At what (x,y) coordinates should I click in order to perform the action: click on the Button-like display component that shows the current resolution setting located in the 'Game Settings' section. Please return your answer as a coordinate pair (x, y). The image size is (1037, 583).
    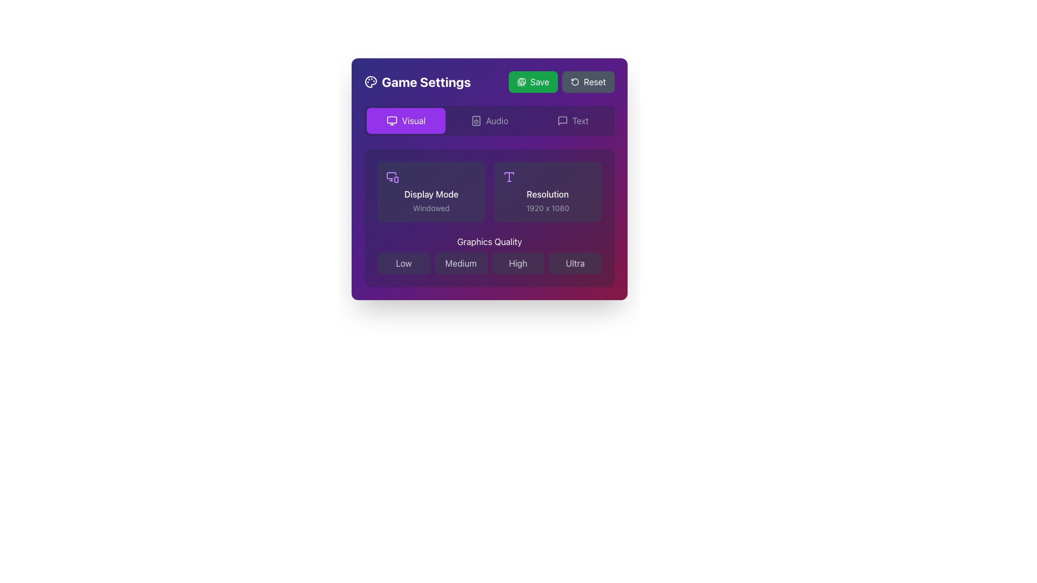
    Looking at the image, I should click on (548, 191).